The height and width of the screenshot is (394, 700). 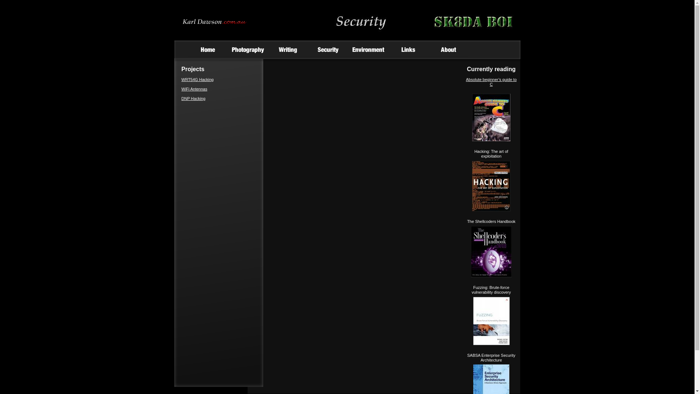 I want to click on 'WiFi Antennas', so click(x=194, y=88).